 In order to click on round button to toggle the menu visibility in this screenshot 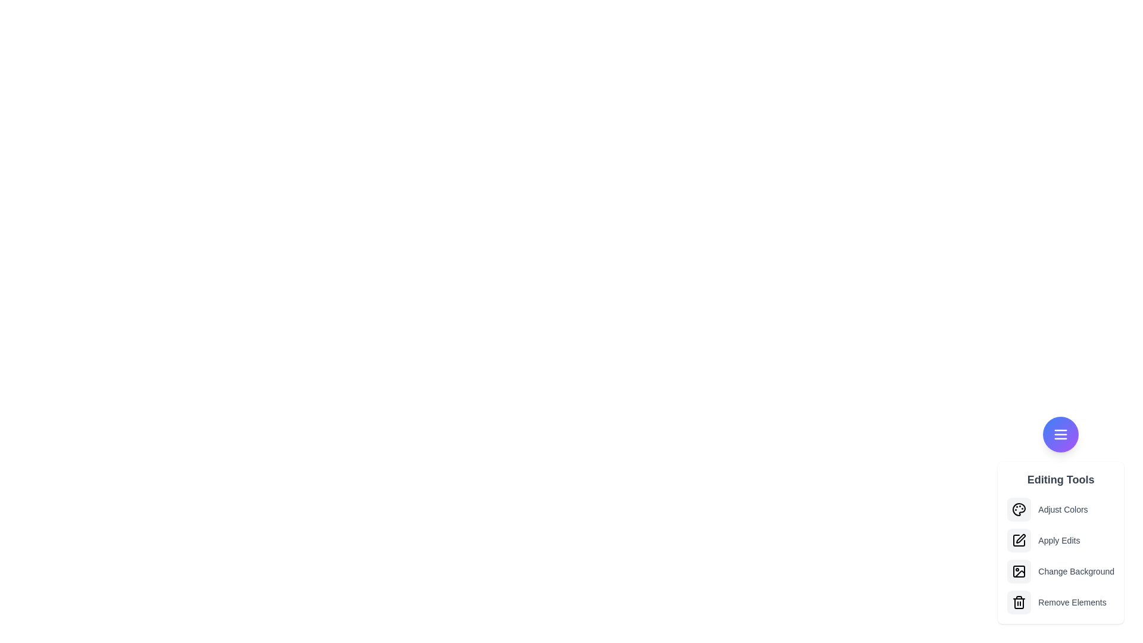, I will do `click(1060, 434)`.